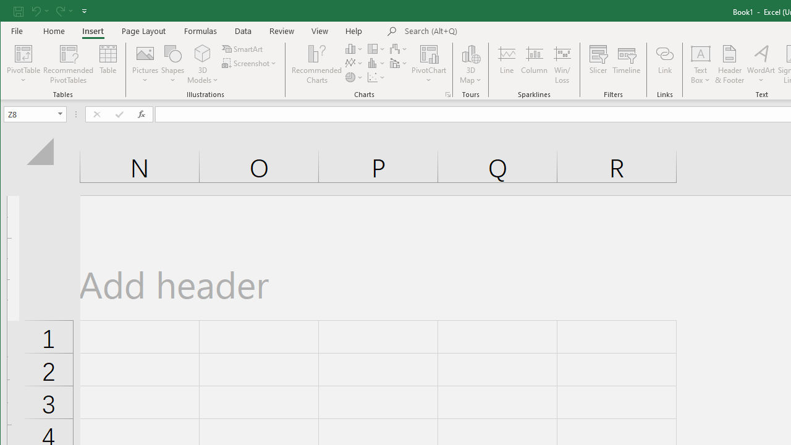  I want to click on 'Insert Column or Bar Chart', so click(353, 48).